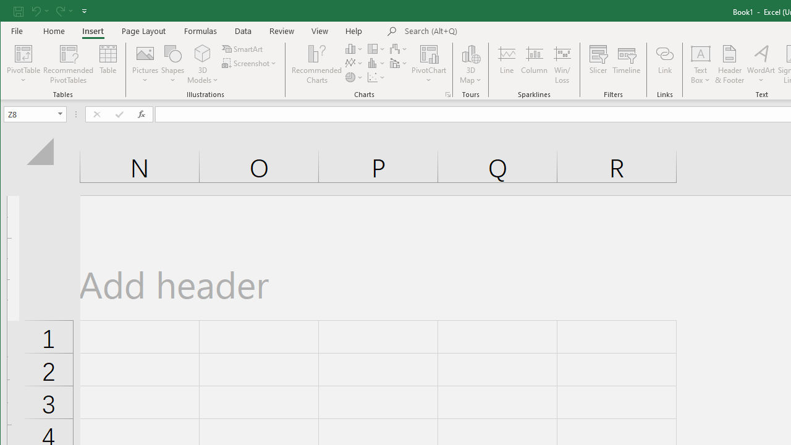  I want to click on 'Insert Column or Bar Chart', so click(353, 48).